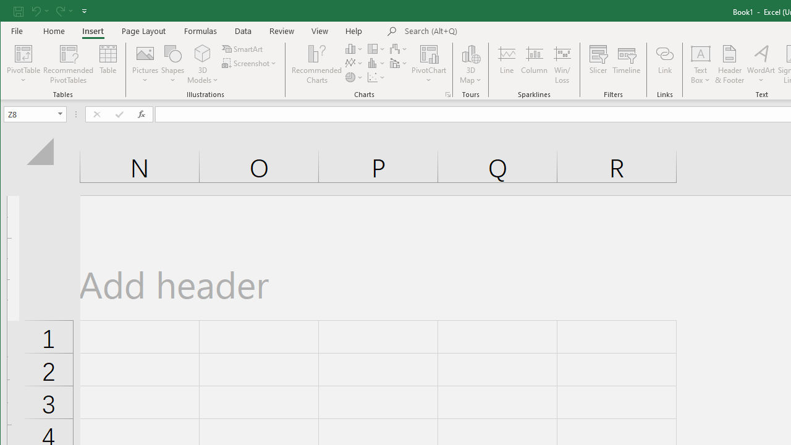  I want to click on 'Insert Column or Bar Chart', so click(353, 48).